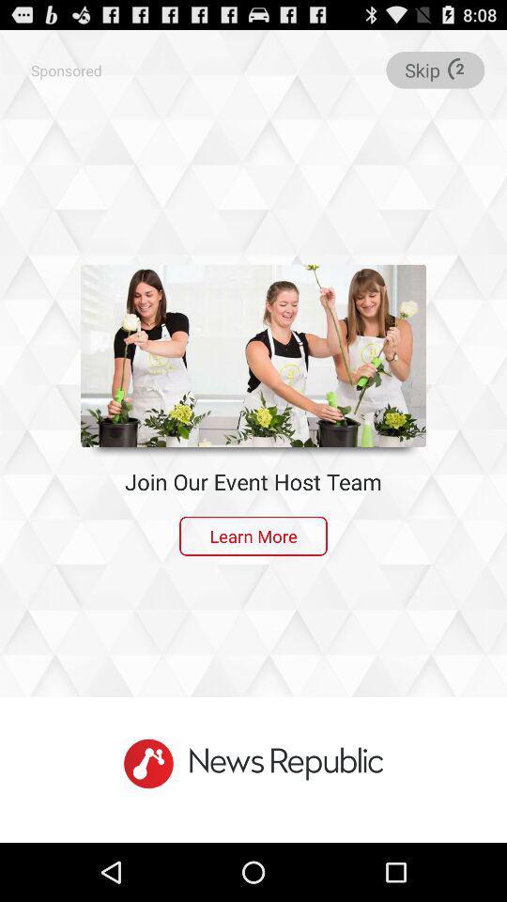 This screenshot has height=902, width=507. I want to click on image, so click(253, 354).